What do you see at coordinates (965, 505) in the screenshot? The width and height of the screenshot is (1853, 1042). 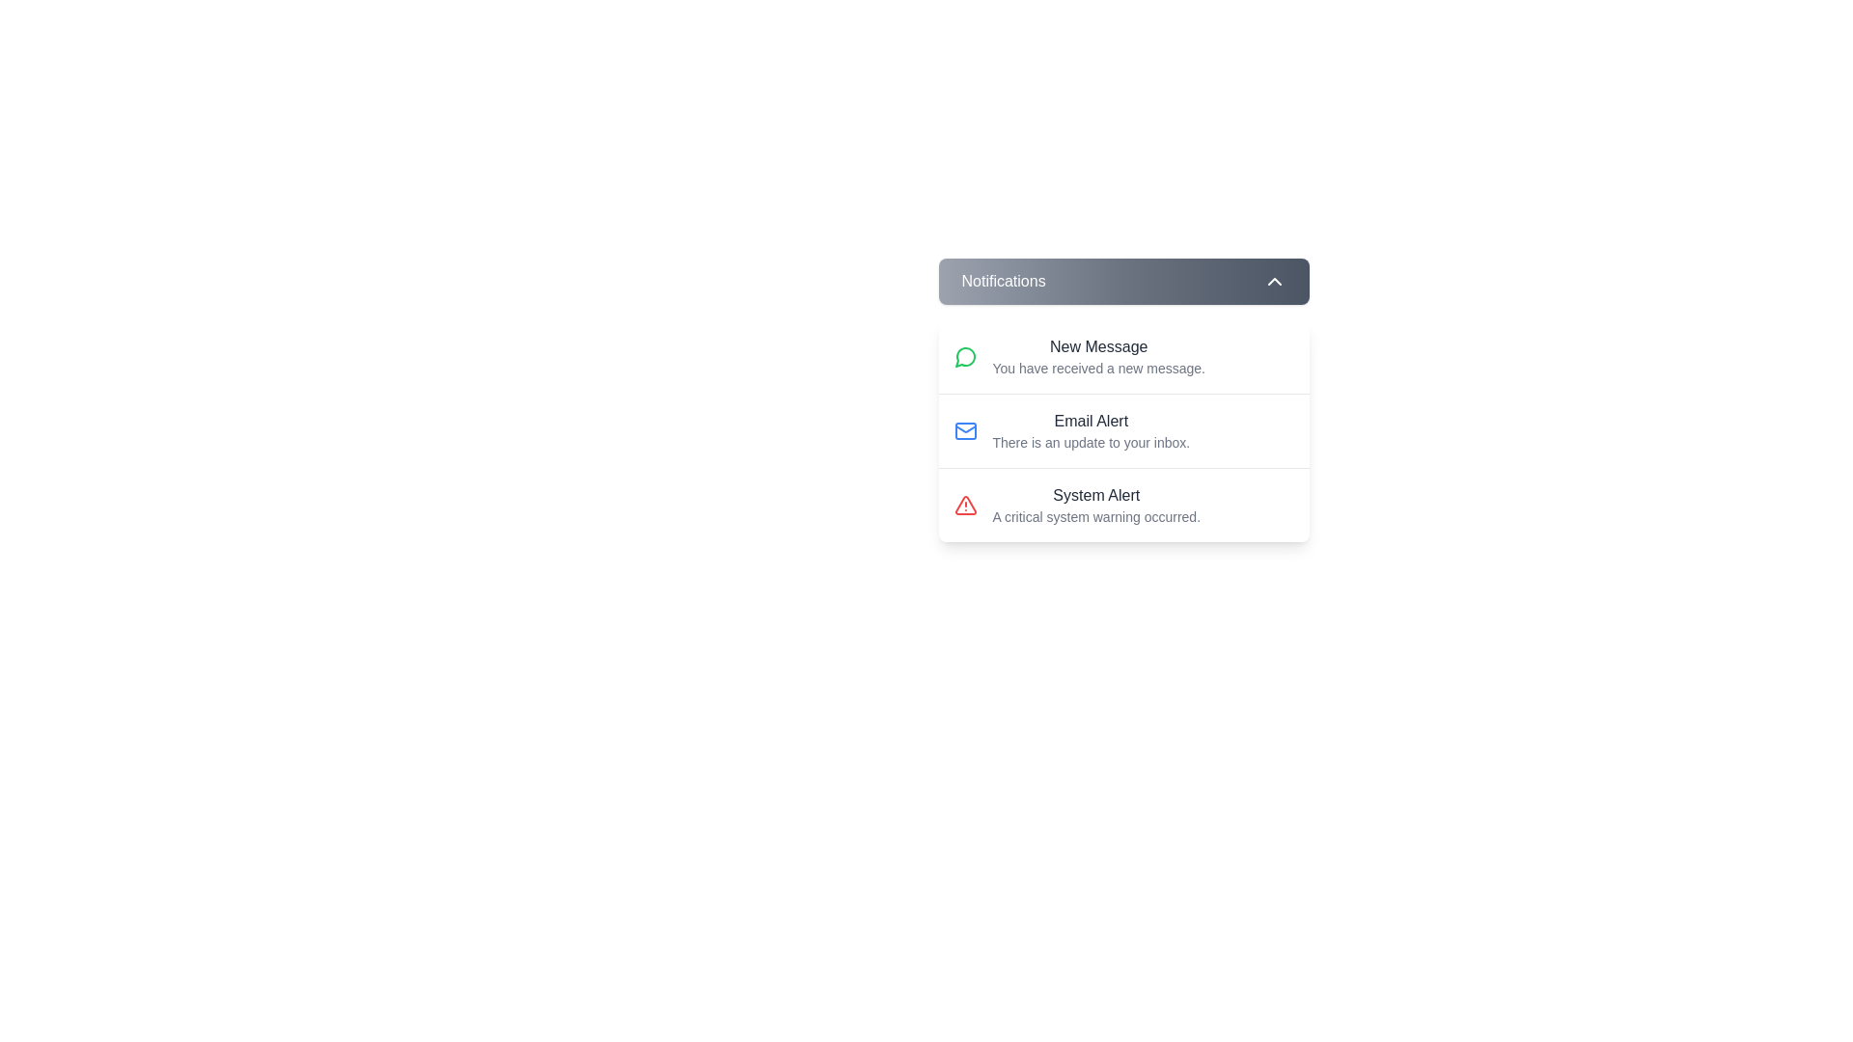 I see `the warning icon in the 'System Alert' dropdown menu, which indicates a critical issue` at bounding box center [965, 505].